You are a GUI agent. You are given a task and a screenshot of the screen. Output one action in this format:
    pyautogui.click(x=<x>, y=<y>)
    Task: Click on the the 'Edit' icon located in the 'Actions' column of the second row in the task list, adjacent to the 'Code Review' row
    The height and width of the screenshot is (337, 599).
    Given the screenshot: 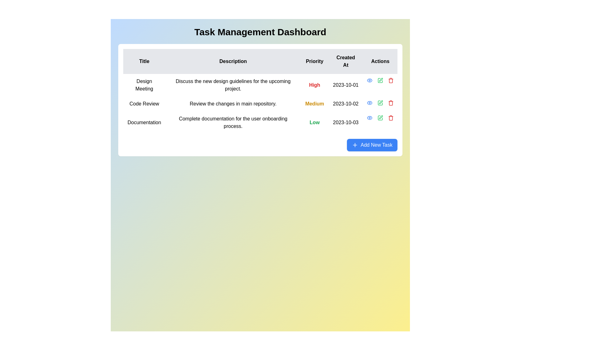 What is the action you would take?
    pyautogui.click(x=380, y=103)
    